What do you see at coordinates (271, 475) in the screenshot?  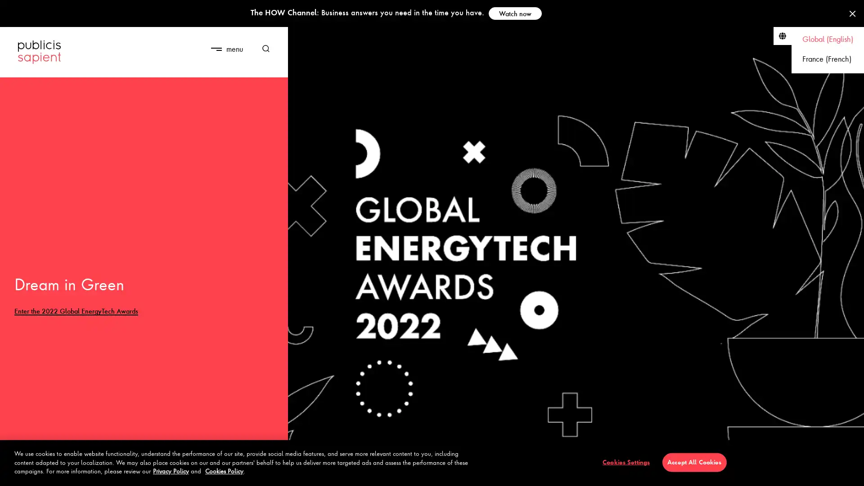 I see `Stop automatic slide show` at bounding box center [271, 475].